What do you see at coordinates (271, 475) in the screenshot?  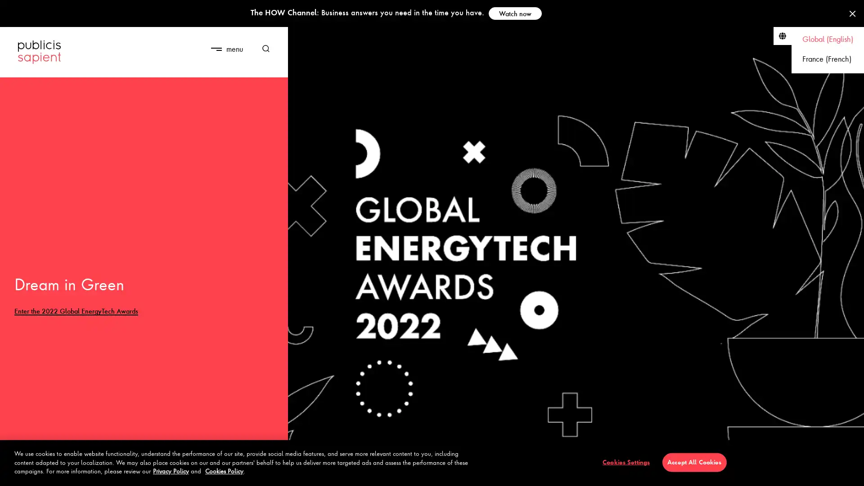 I see `Stop automatic slide show` at bounding box center [271, 475].